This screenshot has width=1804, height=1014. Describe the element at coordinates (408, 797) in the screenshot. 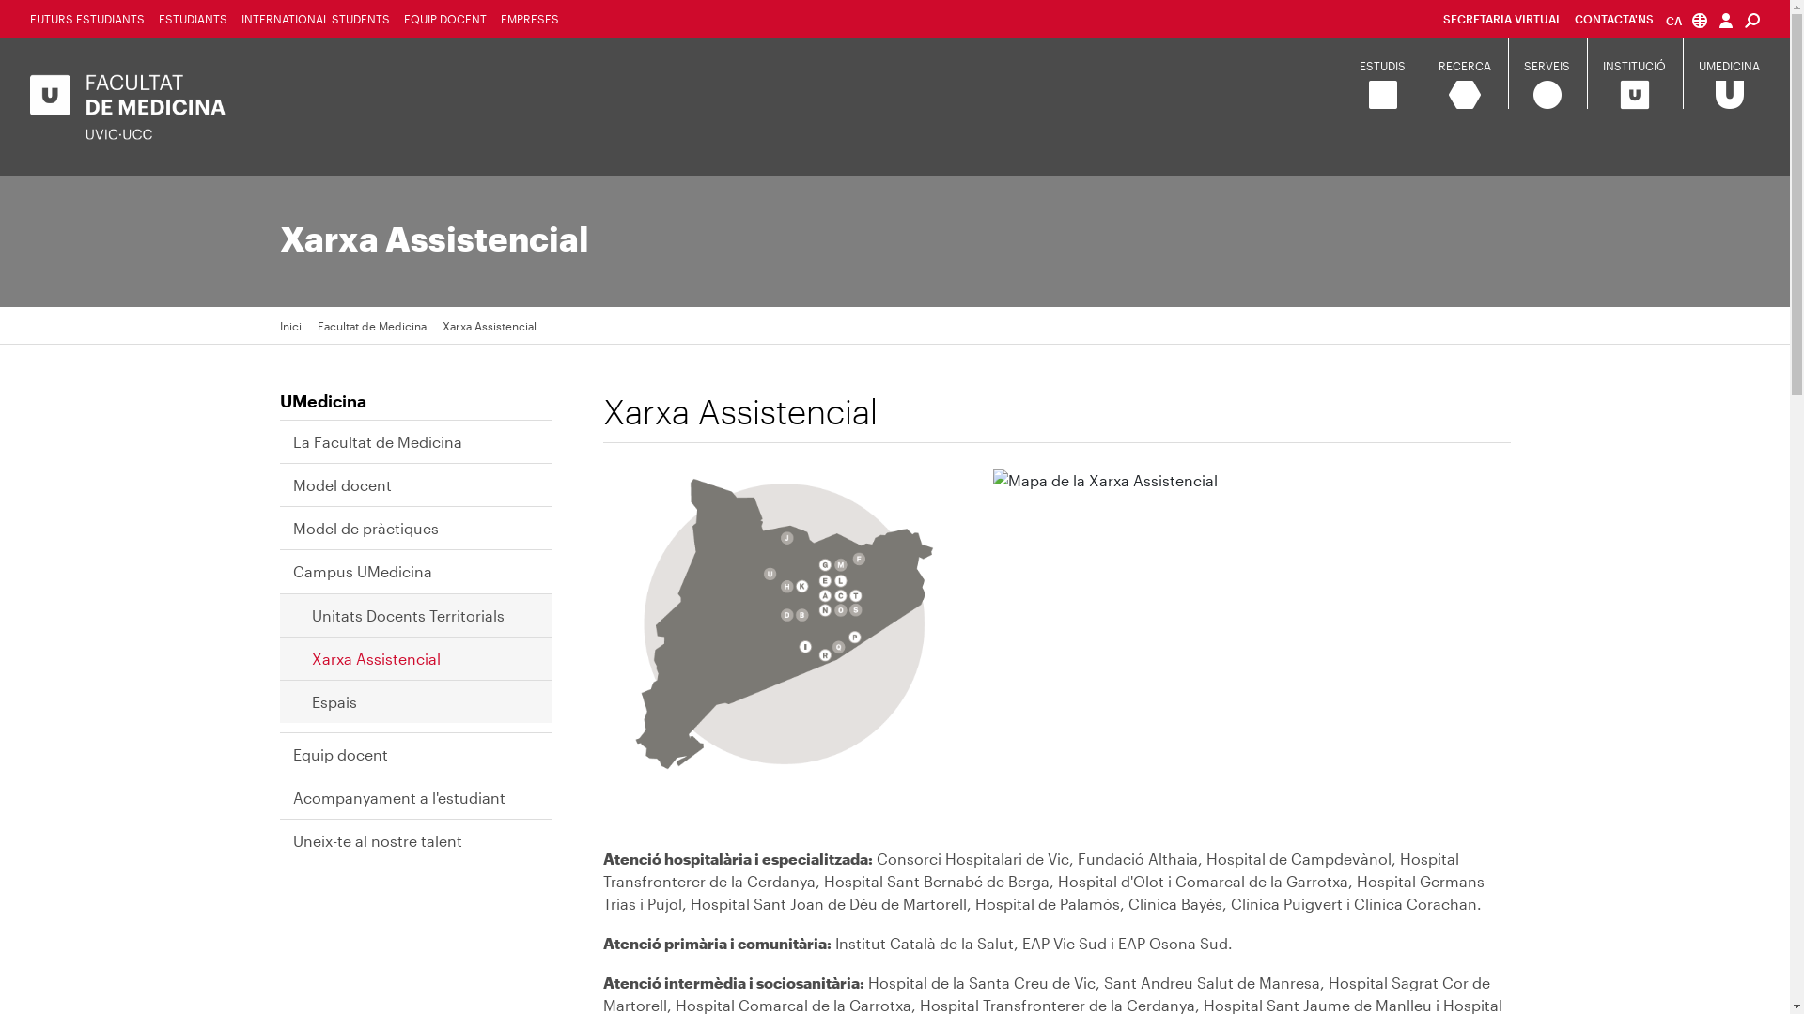

I see `'Acompanyament a l'estudiant'` at that location.